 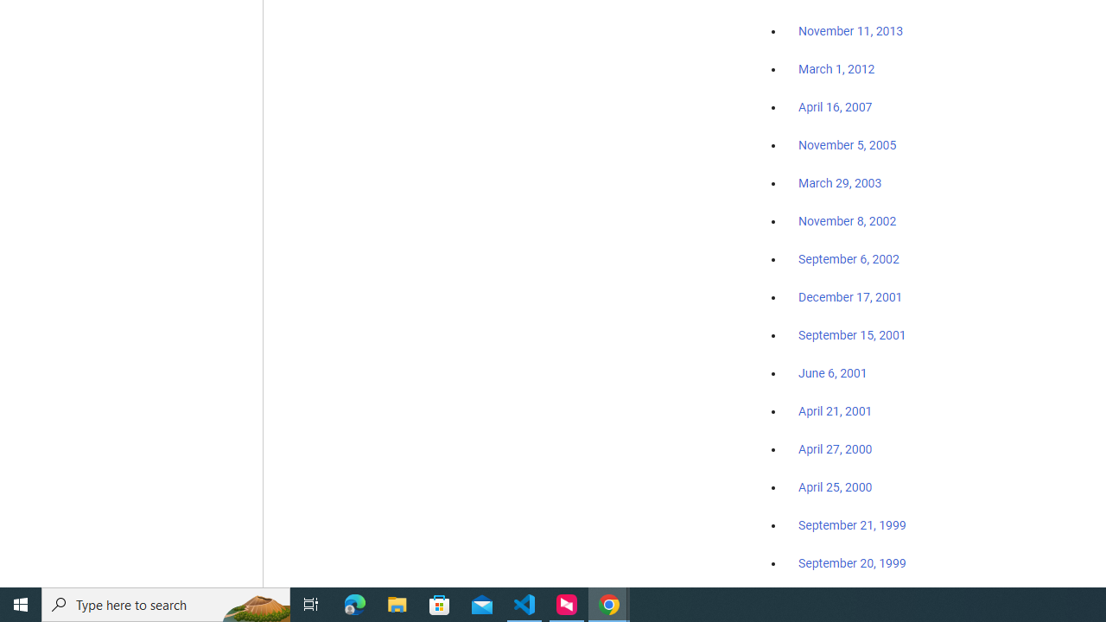 I want to click on 'September 15, 2001', so click(x=852, y=334).